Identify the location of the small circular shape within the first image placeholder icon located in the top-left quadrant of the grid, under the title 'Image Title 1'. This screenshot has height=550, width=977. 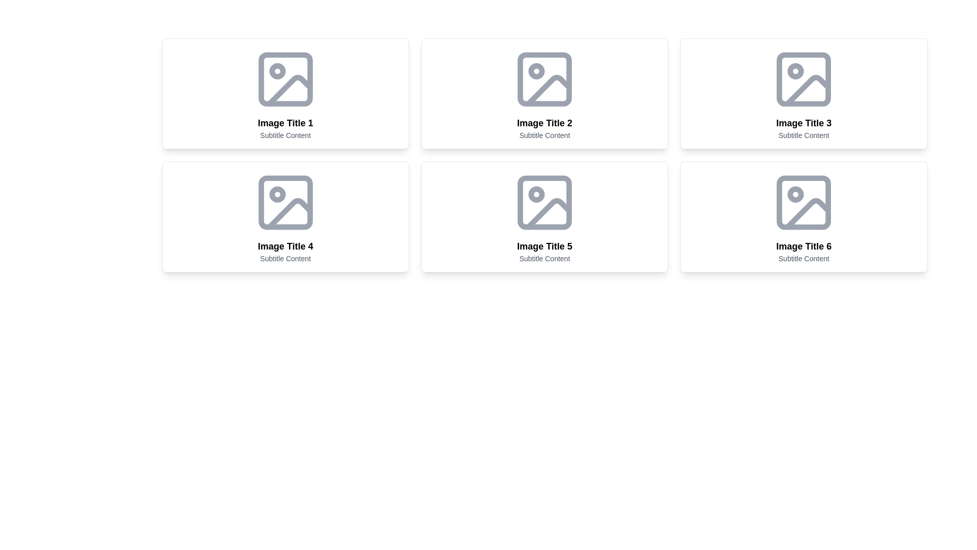
(277, 70).